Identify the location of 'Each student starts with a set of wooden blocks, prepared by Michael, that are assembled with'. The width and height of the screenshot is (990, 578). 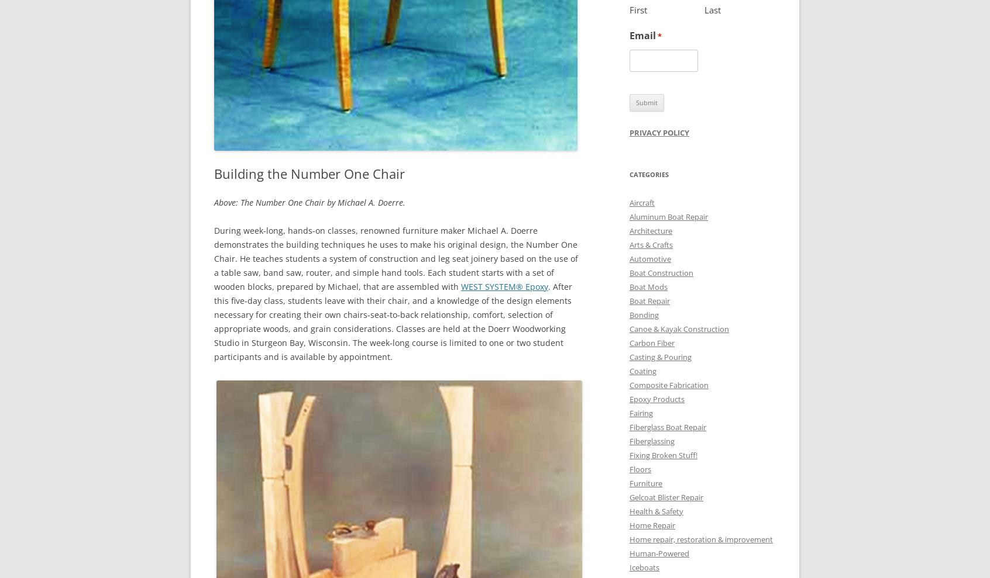
(384, 278).